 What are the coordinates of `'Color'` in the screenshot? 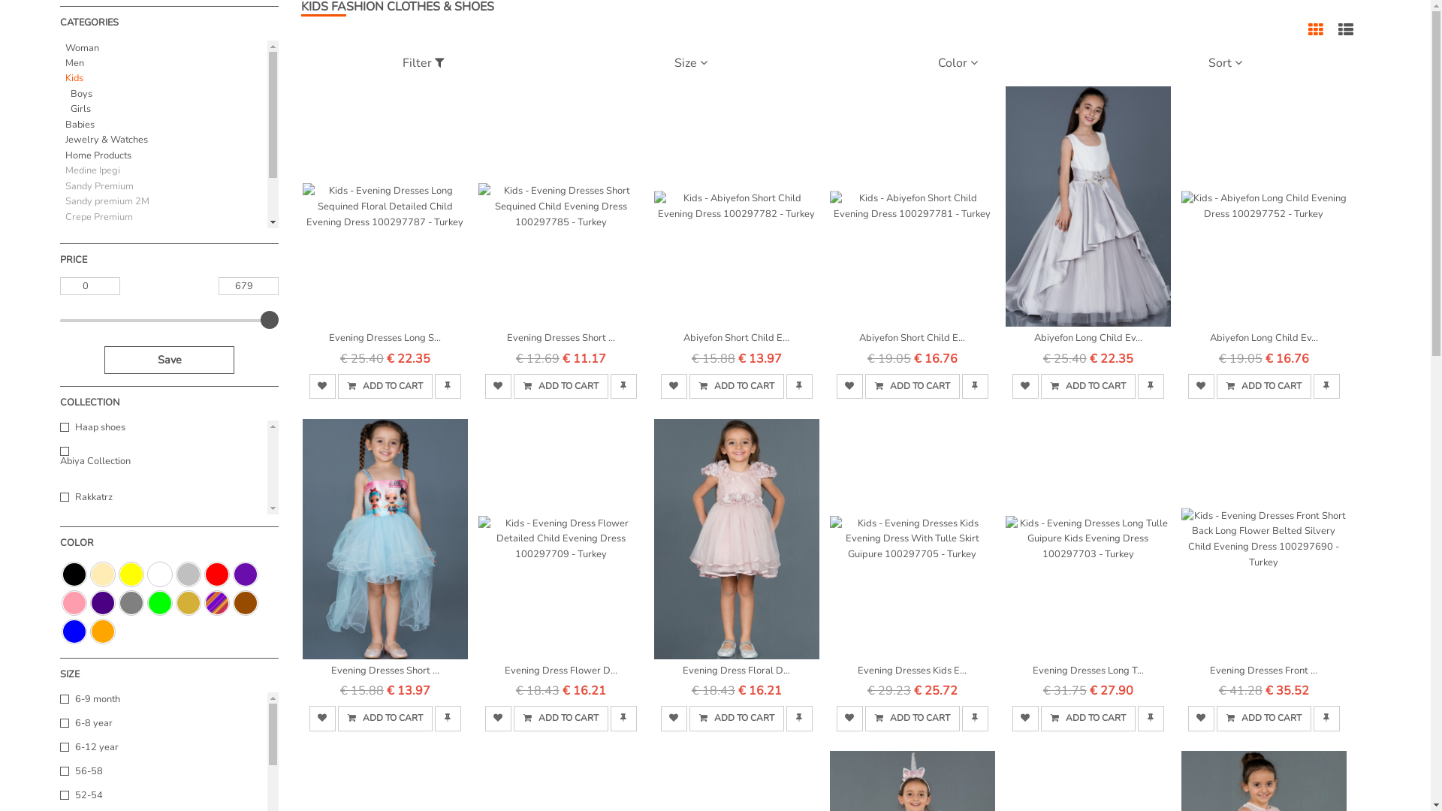 It's located at (957, 62).